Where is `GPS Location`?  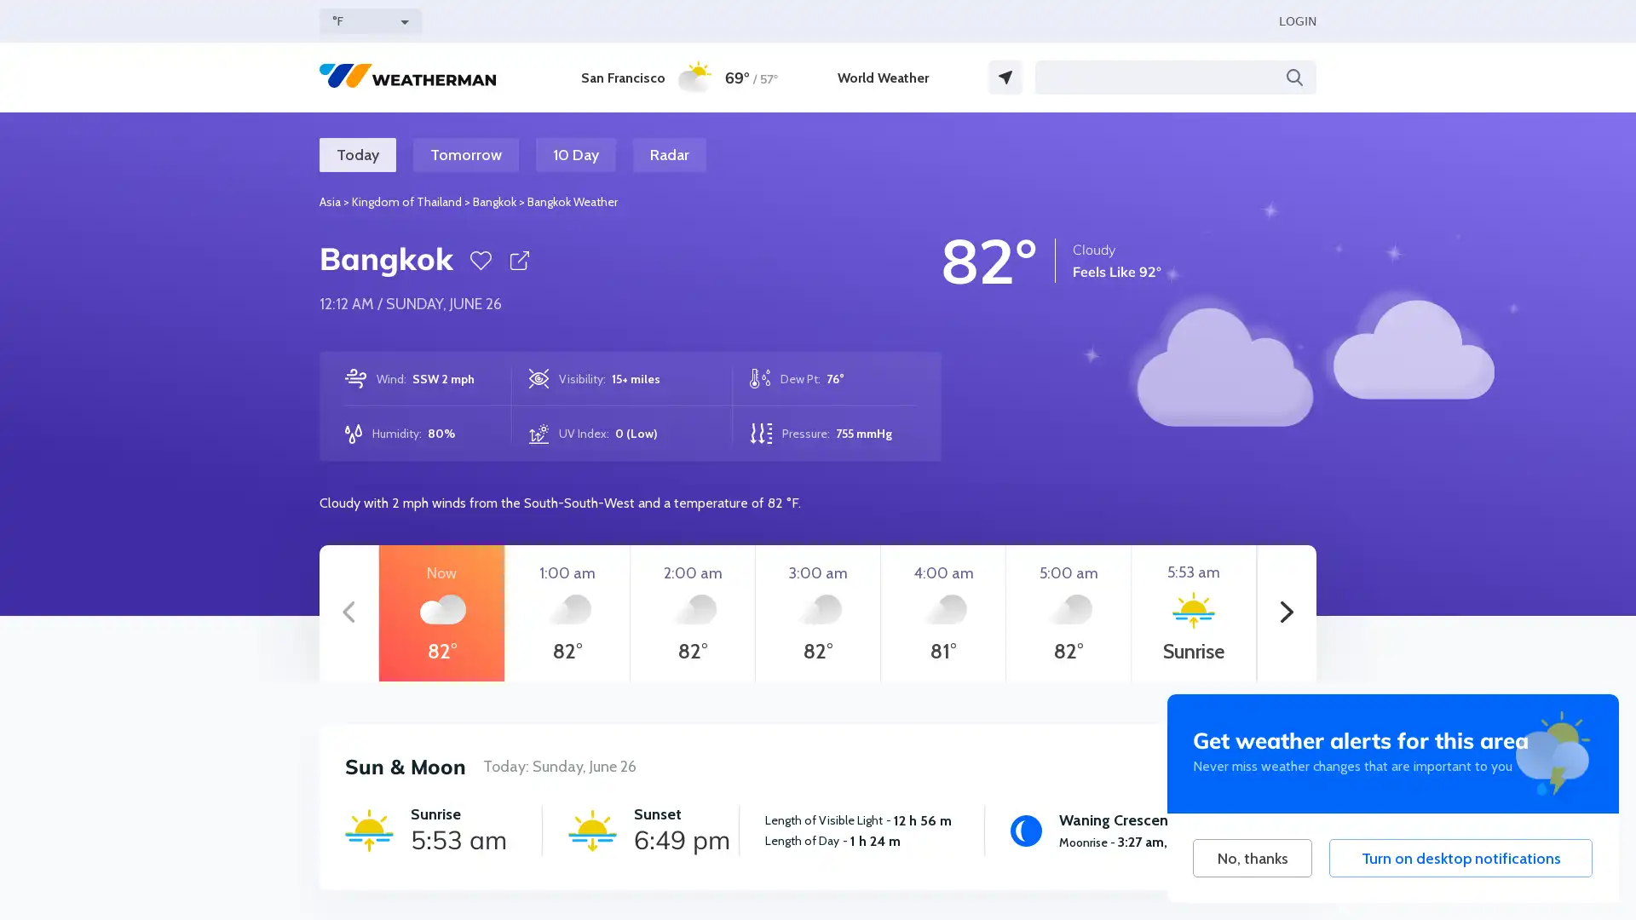 GPS Location is located at coordinates (1005, 78).